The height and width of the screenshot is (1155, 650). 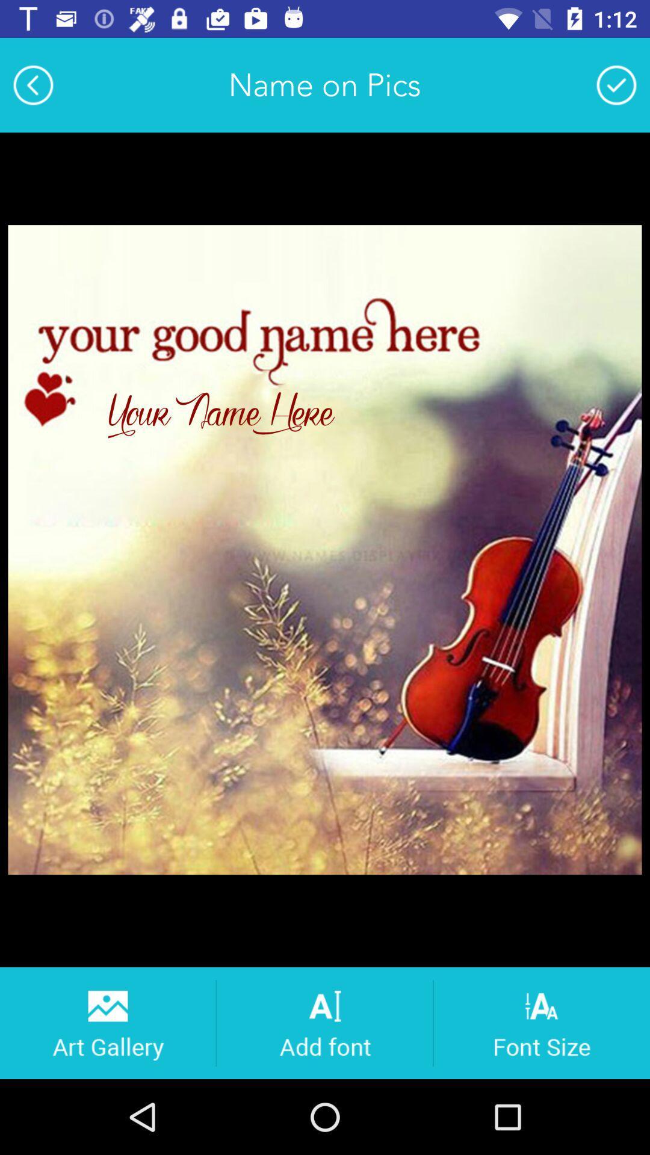 What do you see at coordinates (616, 84) in the screenshot?
I see `app to the right of the name on pics app` at bounding box center [616, 84].